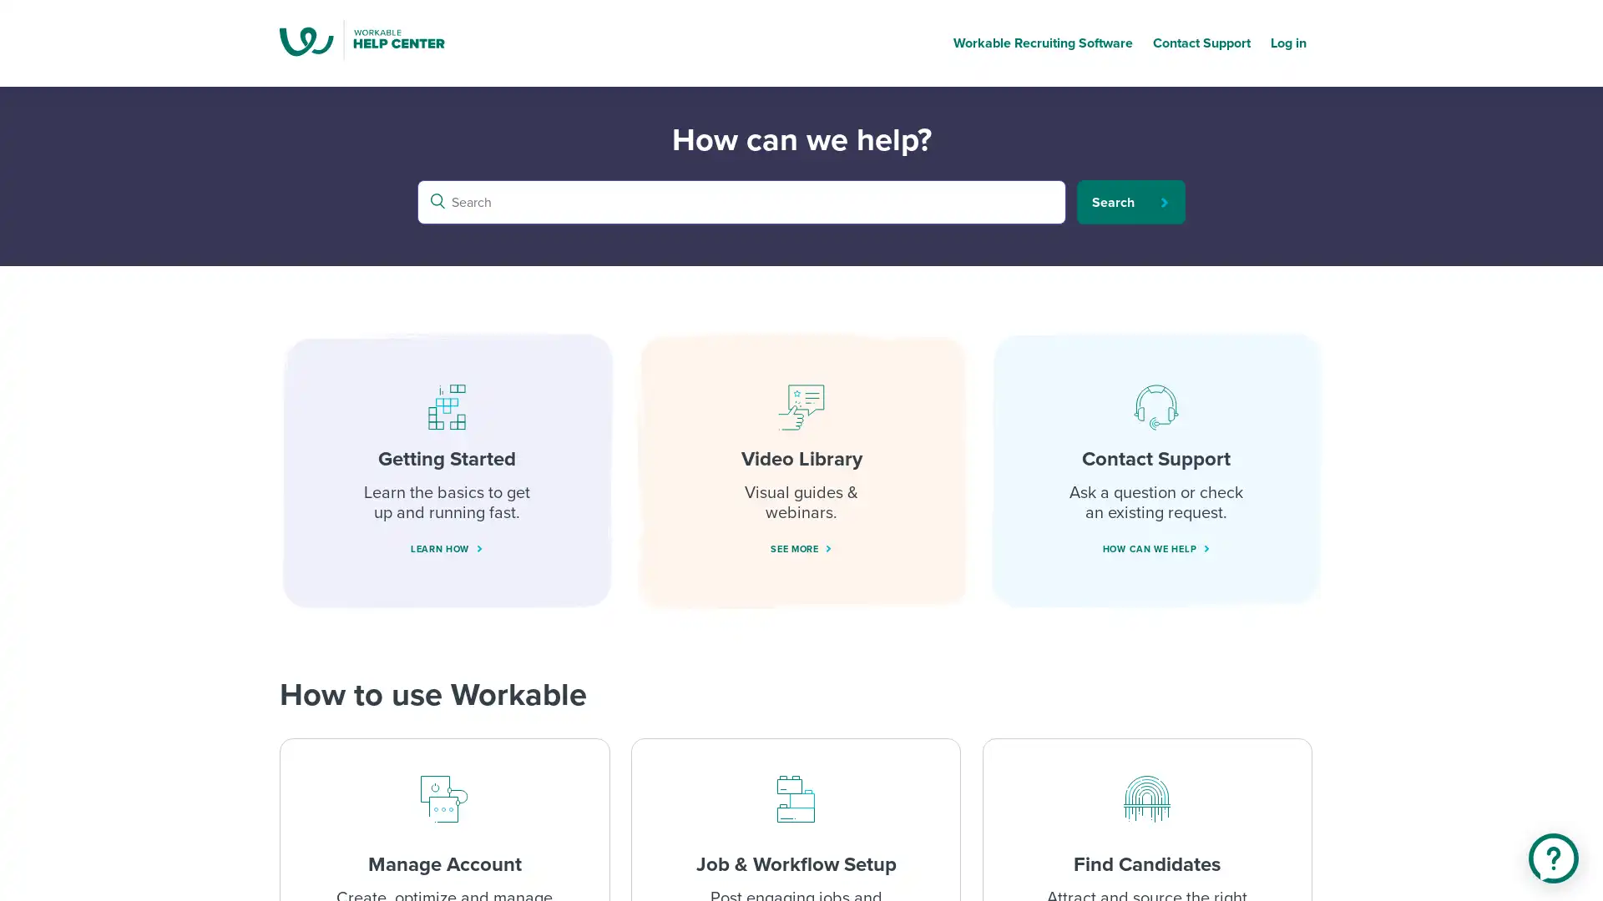  Describe the element at coordinates (1130, 201) in the screenshot. I see `Search` at that location.